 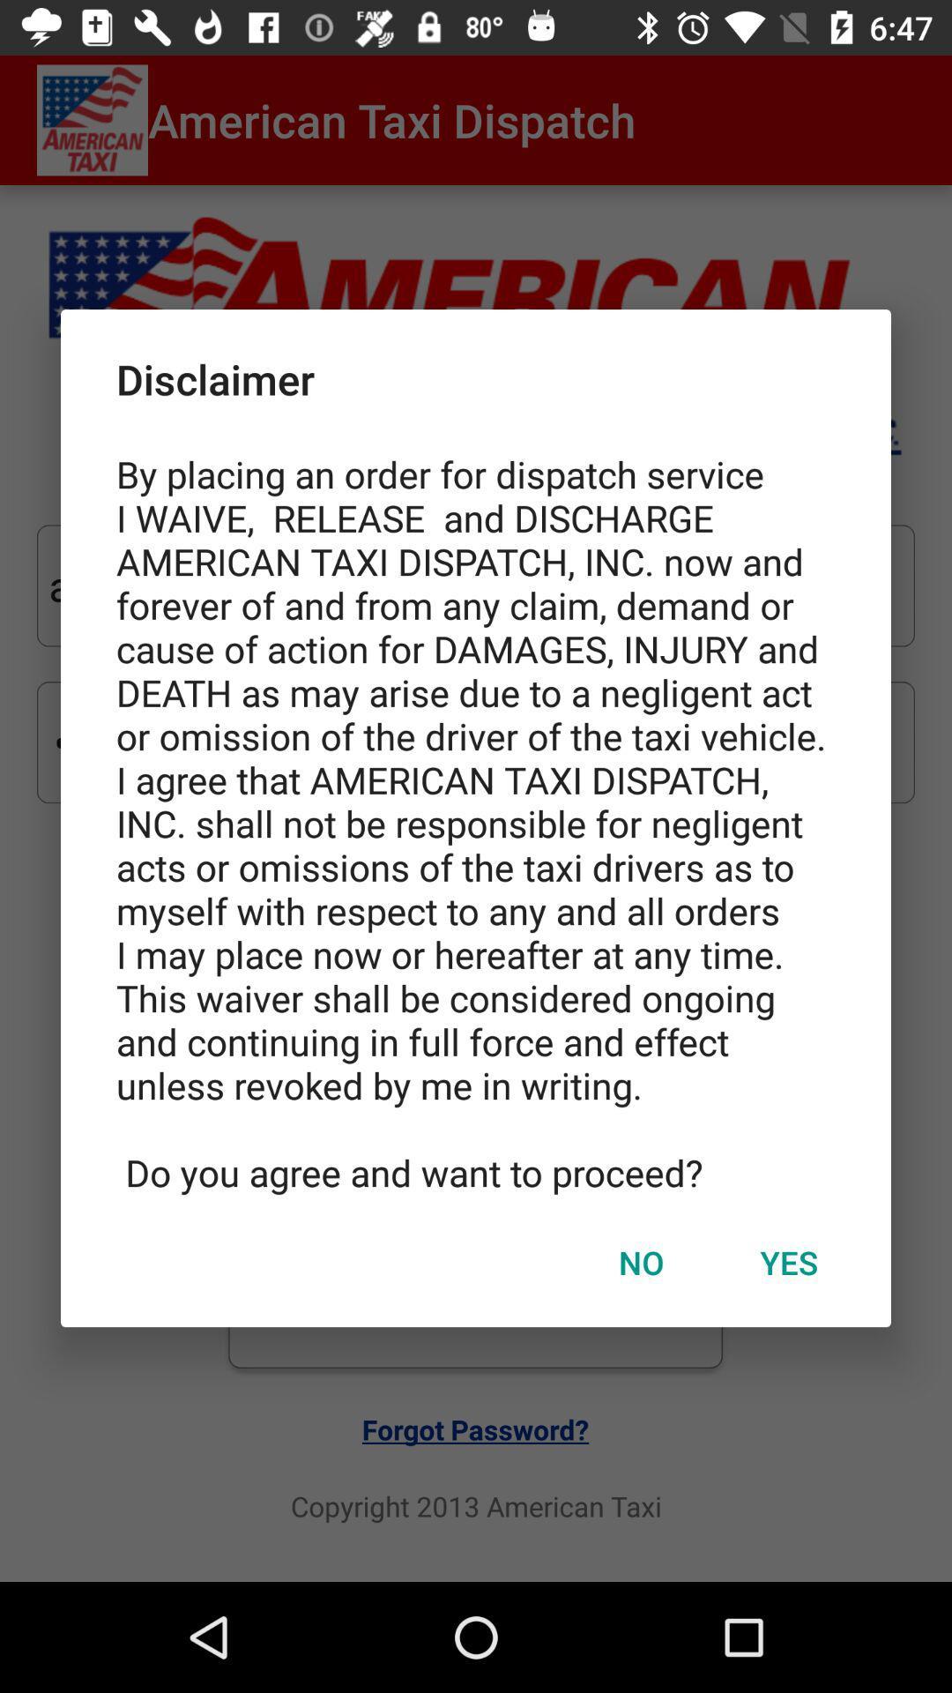 I want to click on the icon to the left of yes icon, so click(x=641, y=1261).